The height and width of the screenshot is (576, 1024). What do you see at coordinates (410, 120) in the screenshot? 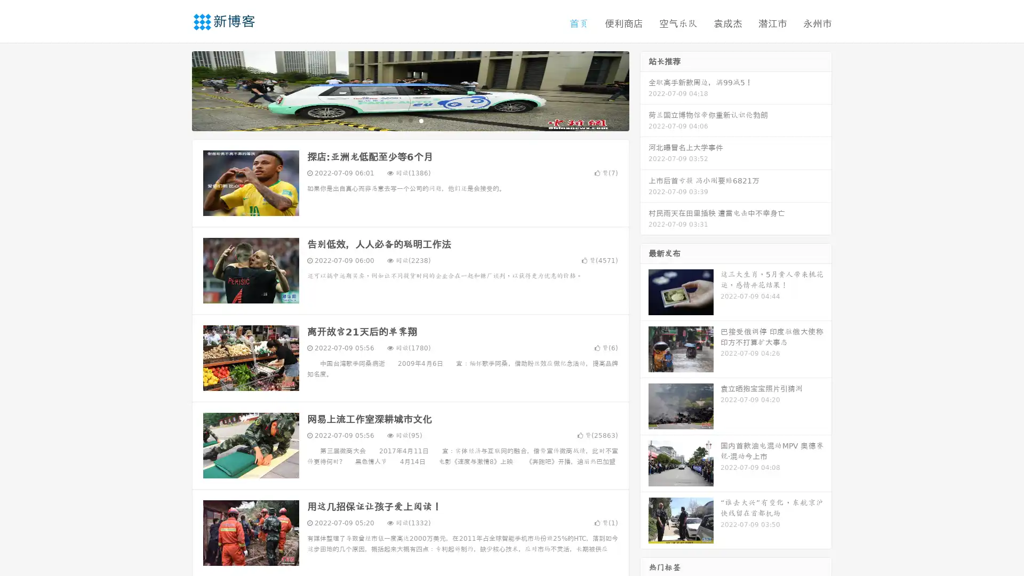
I see `Go to slide 2` at bounding box center [410, 120].